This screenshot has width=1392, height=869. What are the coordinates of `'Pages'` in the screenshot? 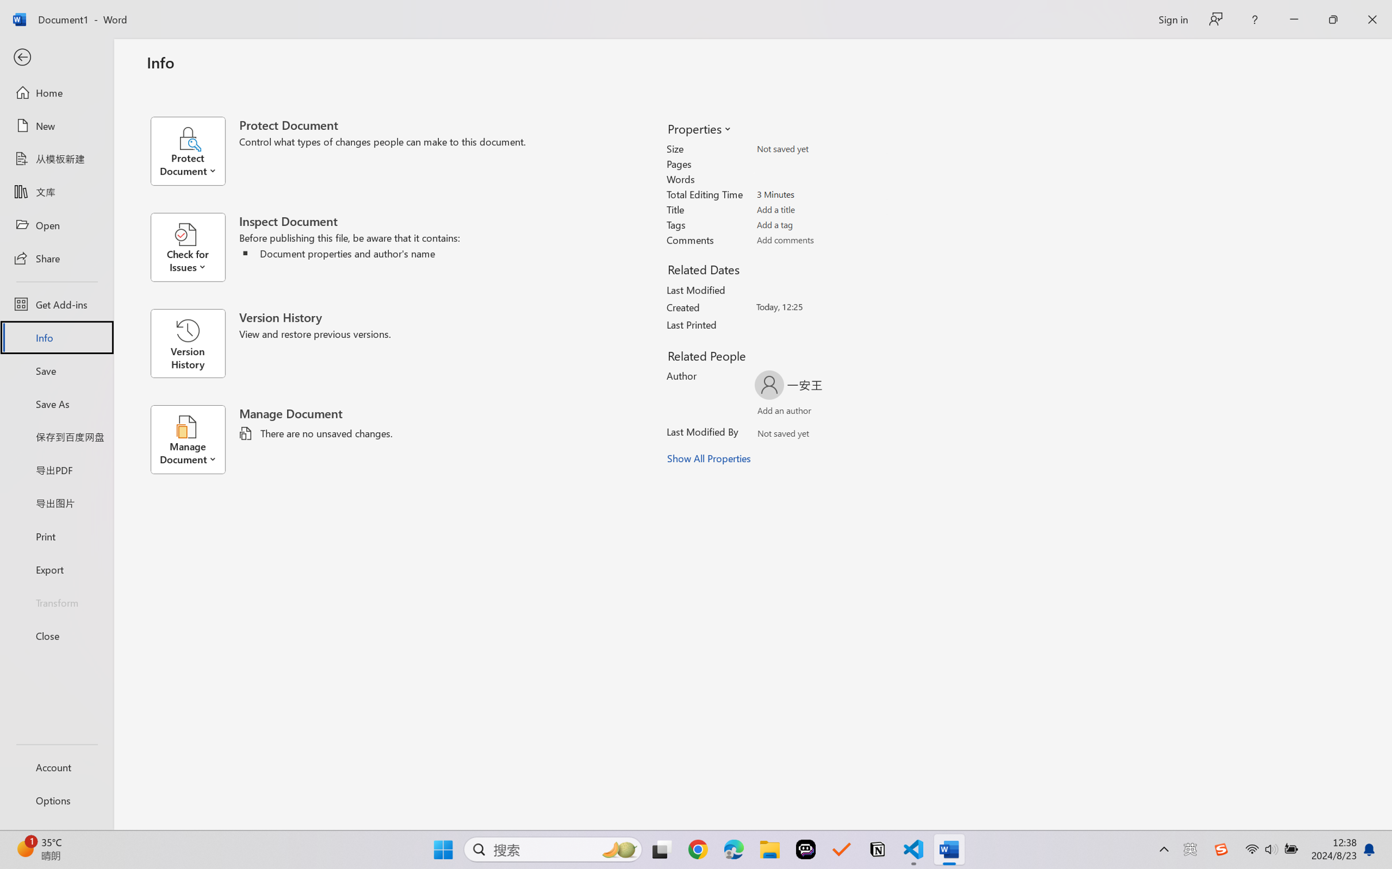 It's located at (820, 163).